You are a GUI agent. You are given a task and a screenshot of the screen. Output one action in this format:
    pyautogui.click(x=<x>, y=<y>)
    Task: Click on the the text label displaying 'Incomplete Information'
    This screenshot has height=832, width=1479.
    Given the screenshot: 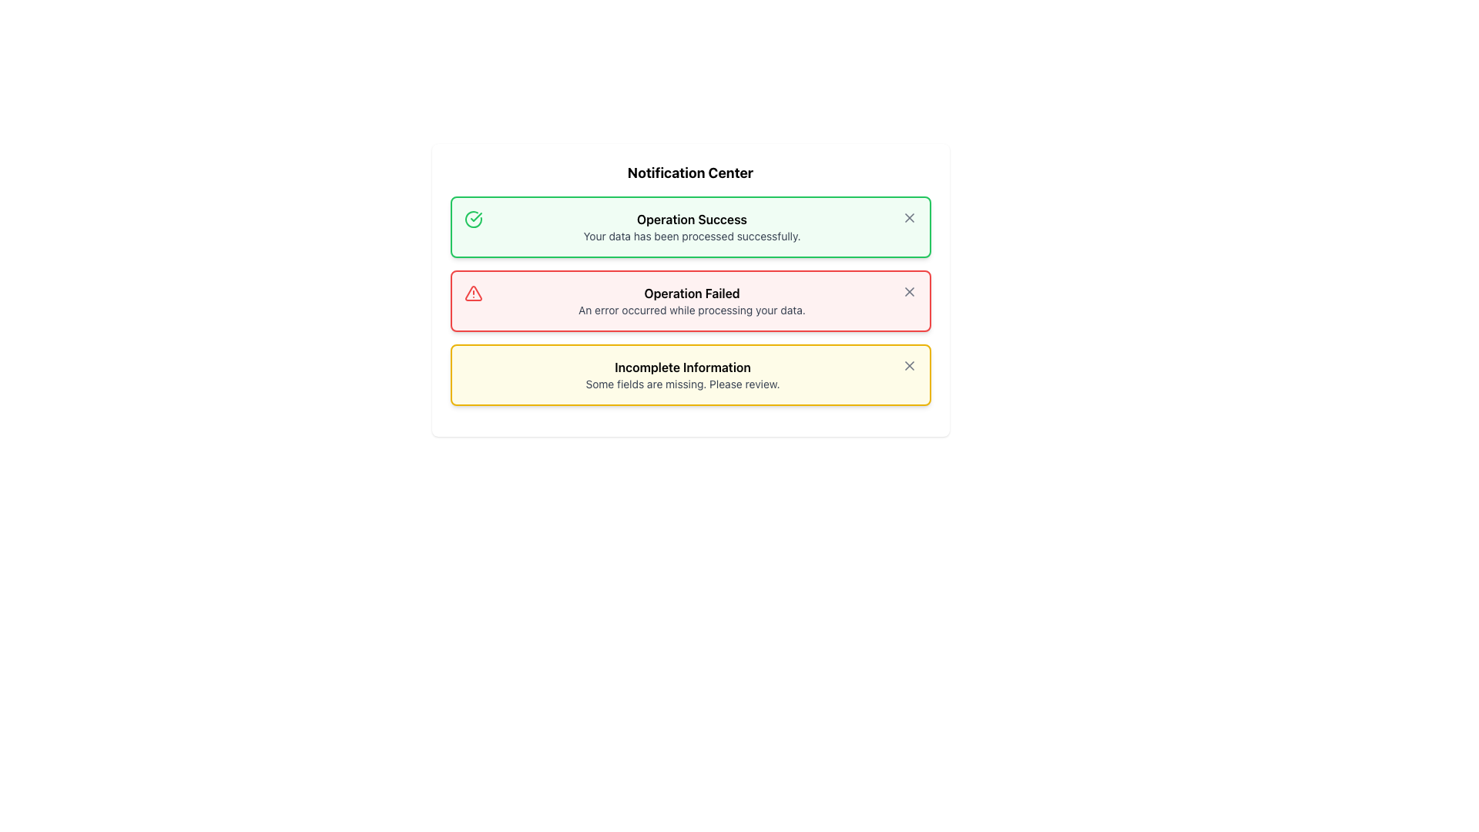 What is the action you would take?
    pyautogui.click(x=682, y=367)
    